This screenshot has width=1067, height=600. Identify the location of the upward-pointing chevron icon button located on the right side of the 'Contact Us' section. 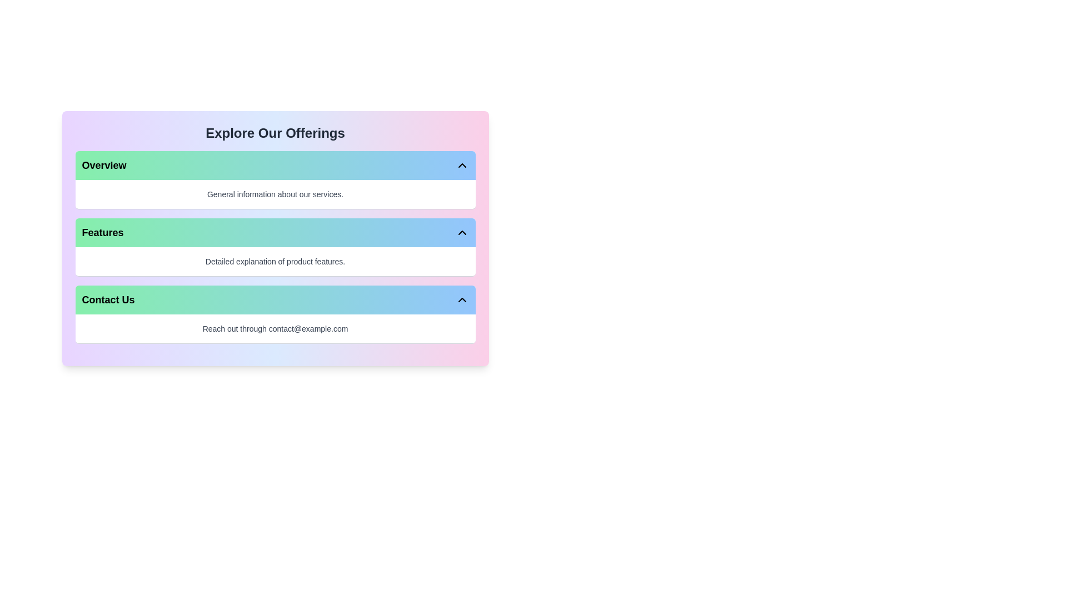
(462, 300).